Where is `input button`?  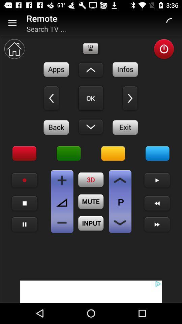
input button is located at coordinates (91, 223).